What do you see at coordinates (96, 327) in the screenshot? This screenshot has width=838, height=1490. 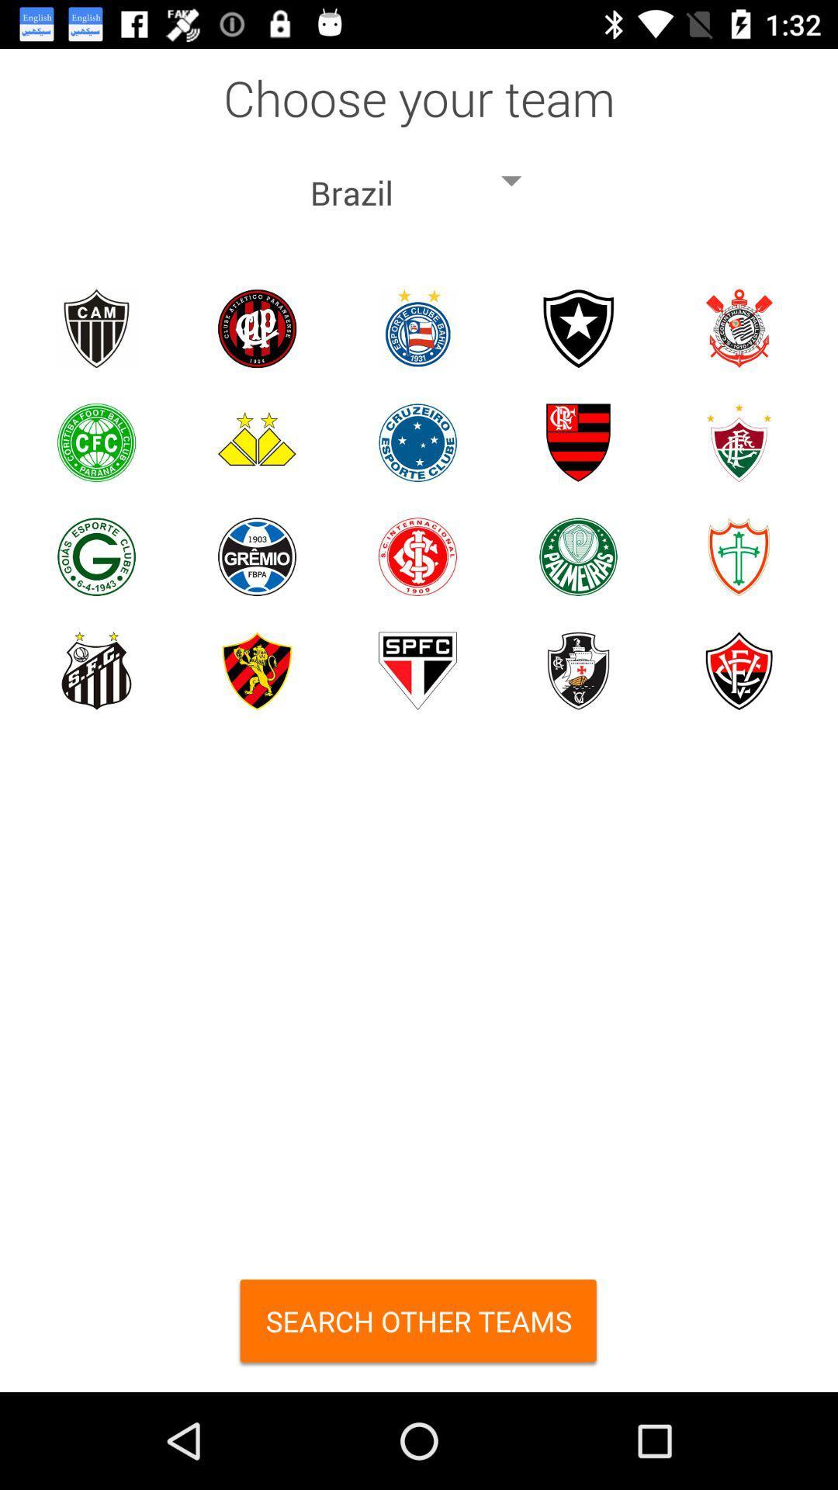 I see `choose club atletico mineiro` at bounding box center [96, 327].